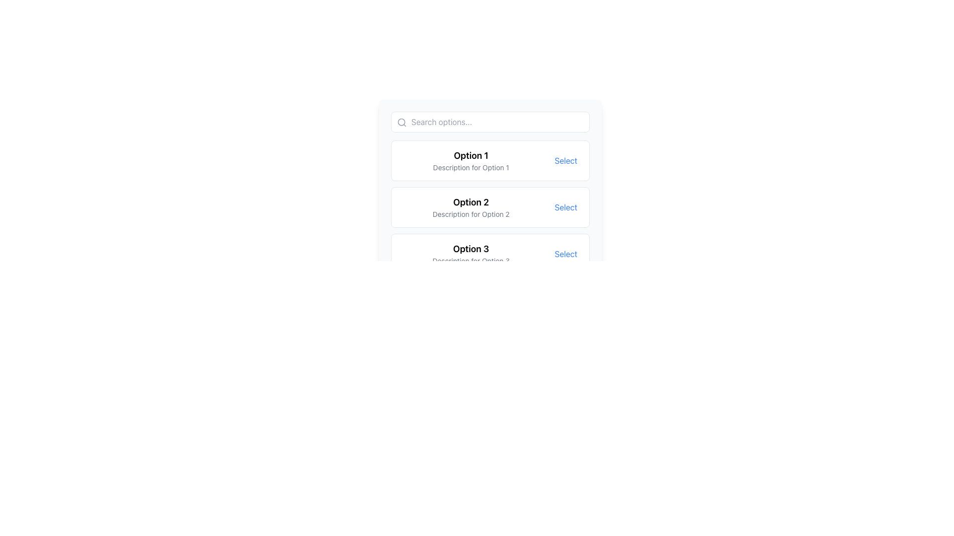 This screenshot has width=954, height=536. What do you see at coordinates (402, 122) in the screenshot?
I see `the gray magnifying glass icon located on the far left inside the search input field` at bounding box center [402, 122].